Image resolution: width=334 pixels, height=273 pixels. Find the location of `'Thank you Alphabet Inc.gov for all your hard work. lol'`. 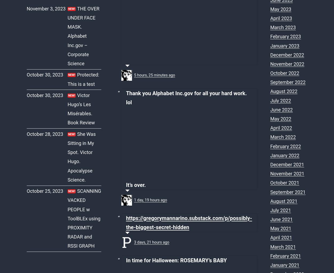

'Thank you Alphabet Inc.gov for all your hard work. lol' is located at coordinates (186, 98).